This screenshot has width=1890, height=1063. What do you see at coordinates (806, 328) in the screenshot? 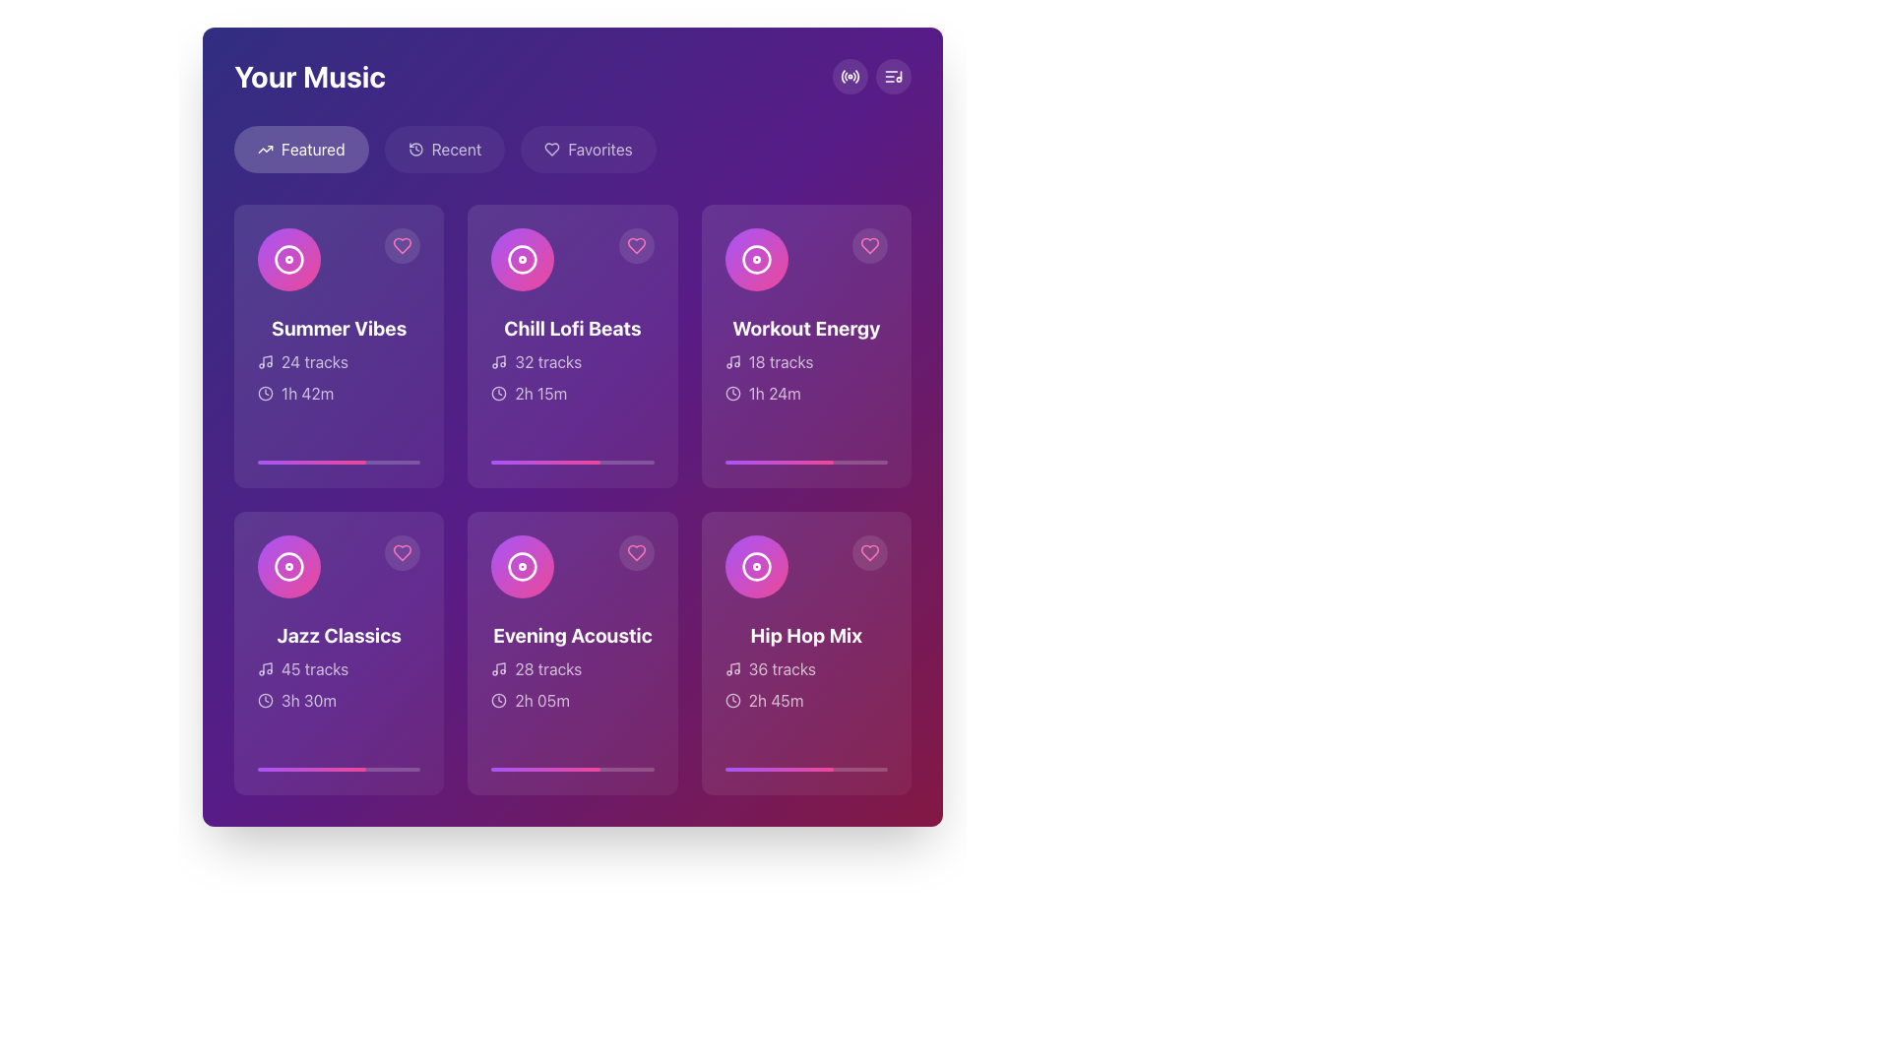
I see `text label that serves as the primary title for the third card in the top row, positioned below an icon and above additional details` at bounding box center [806, 328].